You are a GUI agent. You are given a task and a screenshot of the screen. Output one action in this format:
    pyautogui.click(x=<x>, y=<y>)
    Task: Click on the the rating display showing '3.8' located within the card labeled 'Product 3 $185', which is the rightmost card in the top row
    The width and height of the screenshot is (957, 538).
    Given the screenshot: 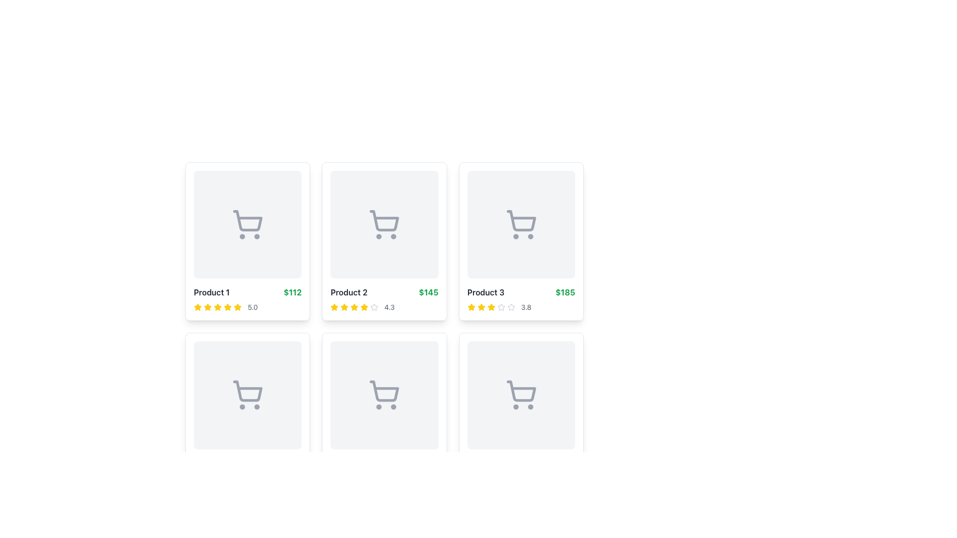 What is the action you would take?
    pyautogui.click(x=520, y=307)
    